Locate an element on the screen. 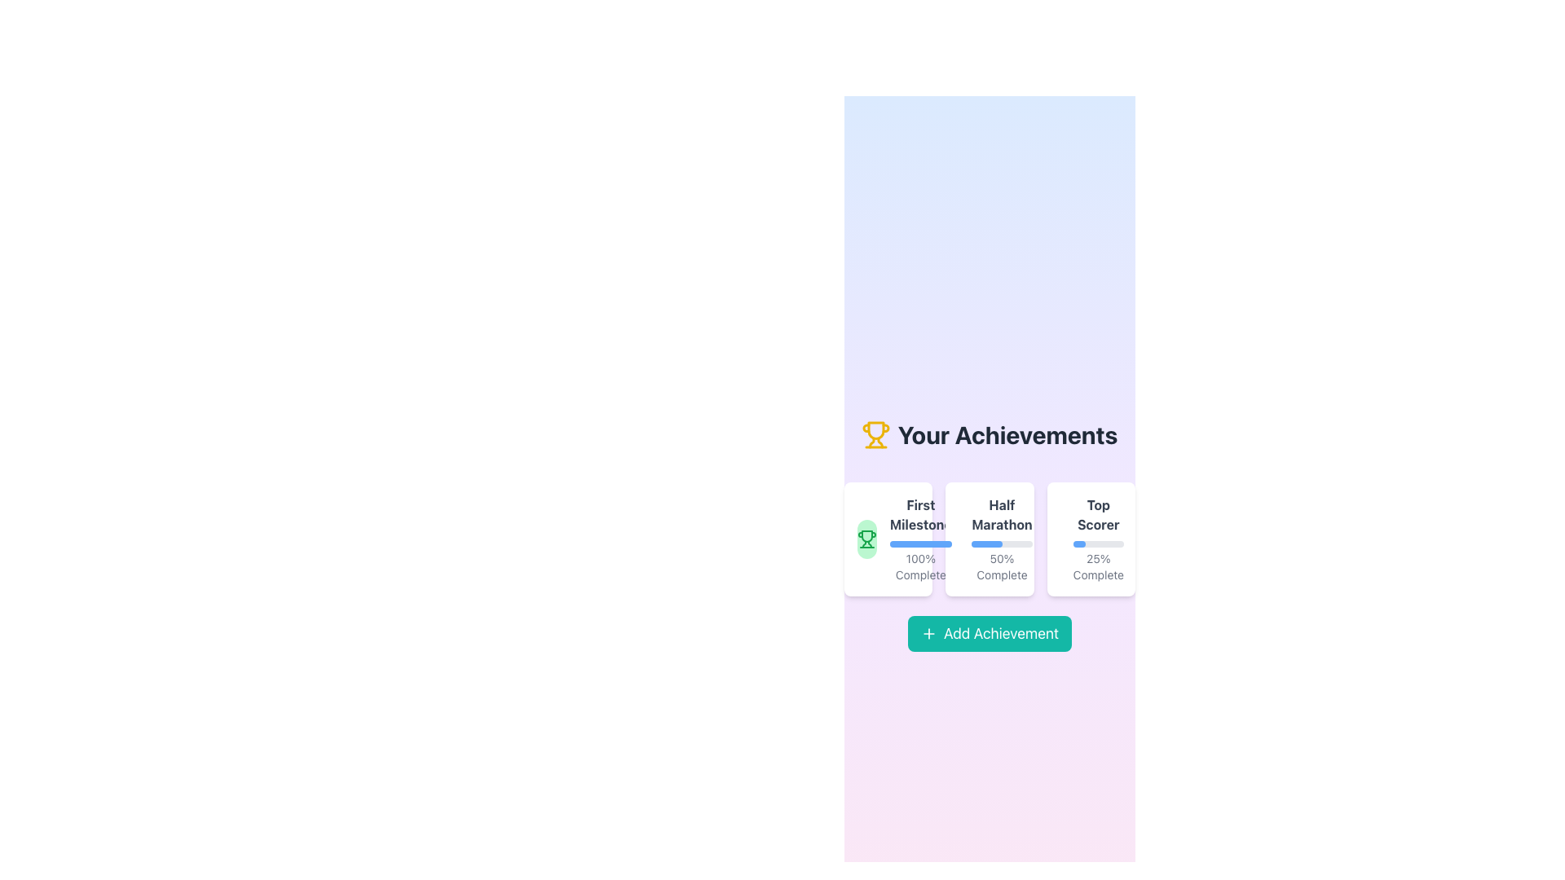 This screenshot has width=1565, height=880. the 'Add Achievement' icon, which is part of the button labeled 'Add Achievement' located at the bottom of the achievements section is located at coordinates (928, 633).